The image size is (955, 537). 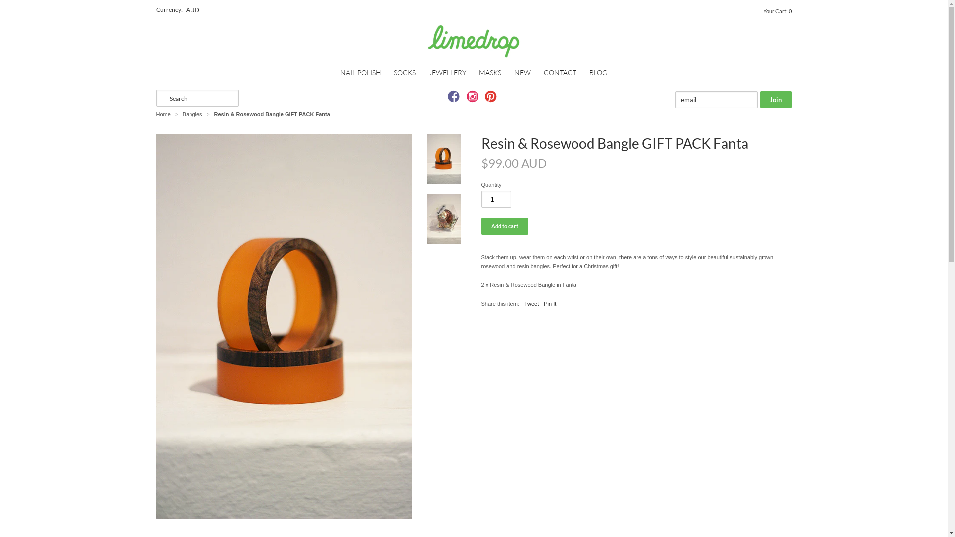 I want to click on 'Your Cart: 0', so click(x=778, y=11).